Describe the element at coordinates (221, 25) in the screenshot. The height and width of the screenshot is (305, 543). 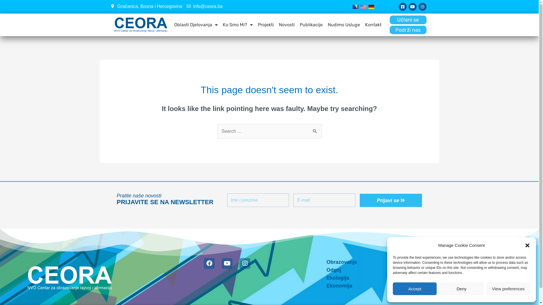
I see `'Ko Smo Mi?'` at that location.